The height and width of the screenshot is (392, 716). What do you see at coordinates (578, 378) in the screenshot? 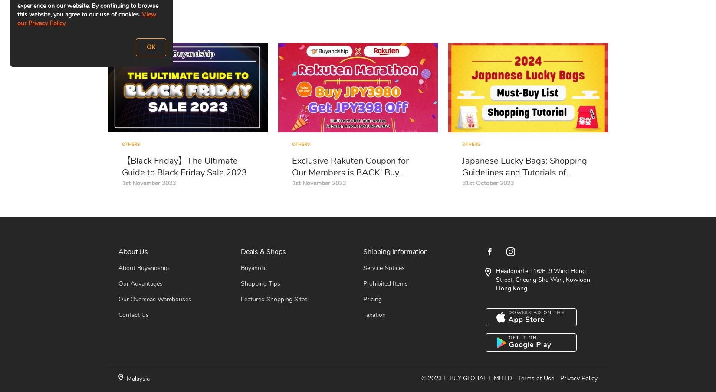
I see `'Privacy Policy'` at bounding box center [578, 378].